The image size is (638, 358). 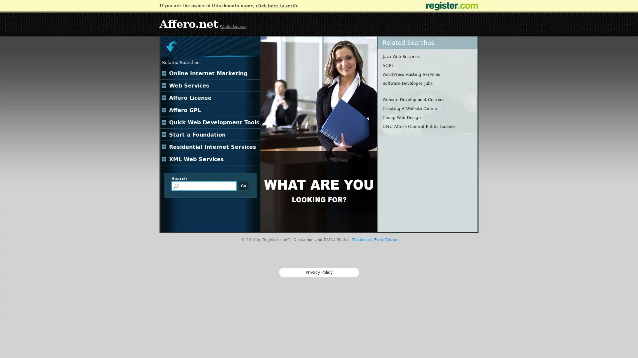 What do you see at coordinates (243, 186) in the screenshot?
I see `Go` at bounding box center [243, 186].